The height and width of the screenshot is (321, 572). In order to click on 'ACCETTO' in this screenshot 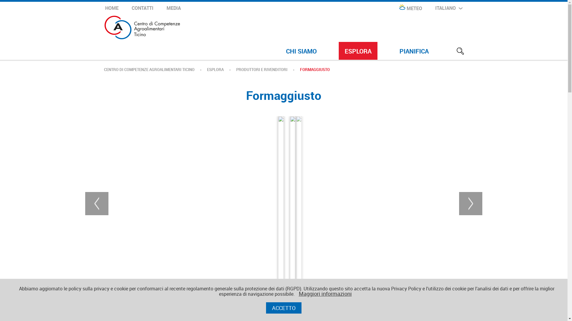, I will do `click(283, 308)`.